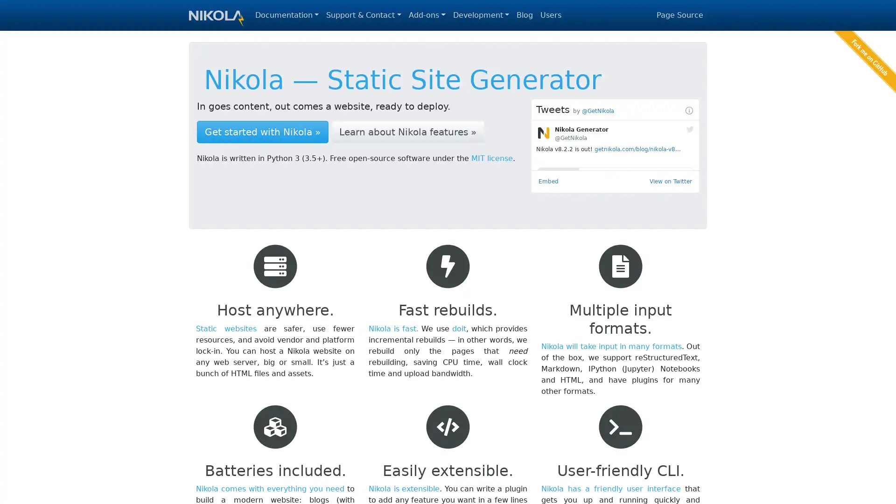 This screenshot has width=896, height=504. I want to click on Get started with Nikola, so click(262, 132).